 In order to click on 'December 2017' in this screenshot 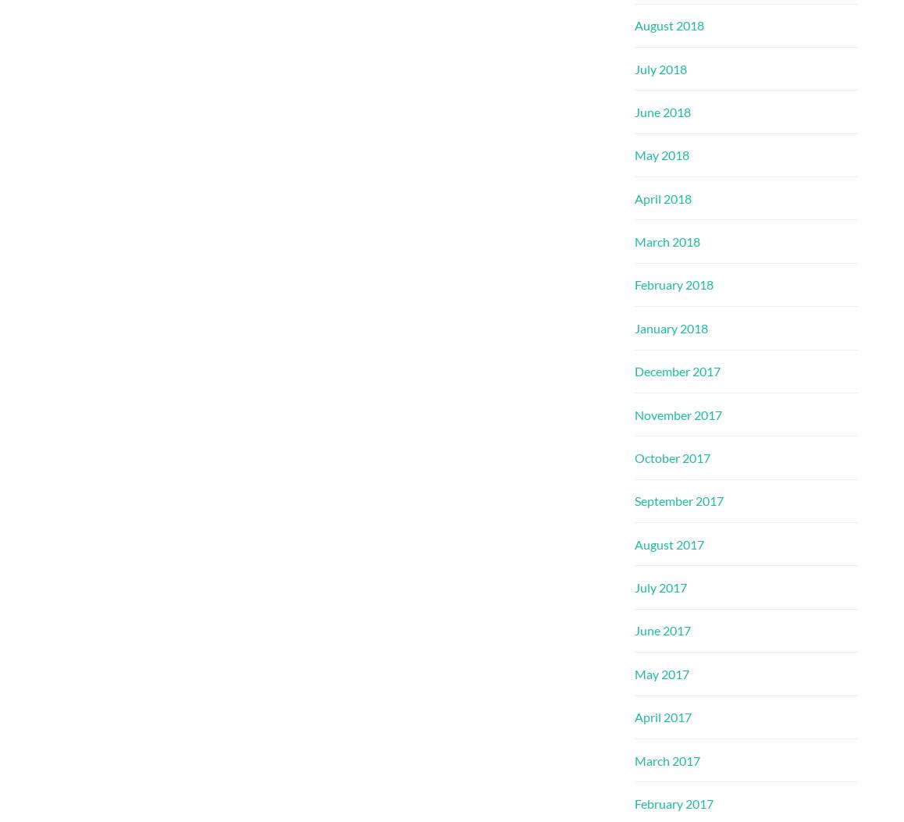, I will do `click(677, 370)`.